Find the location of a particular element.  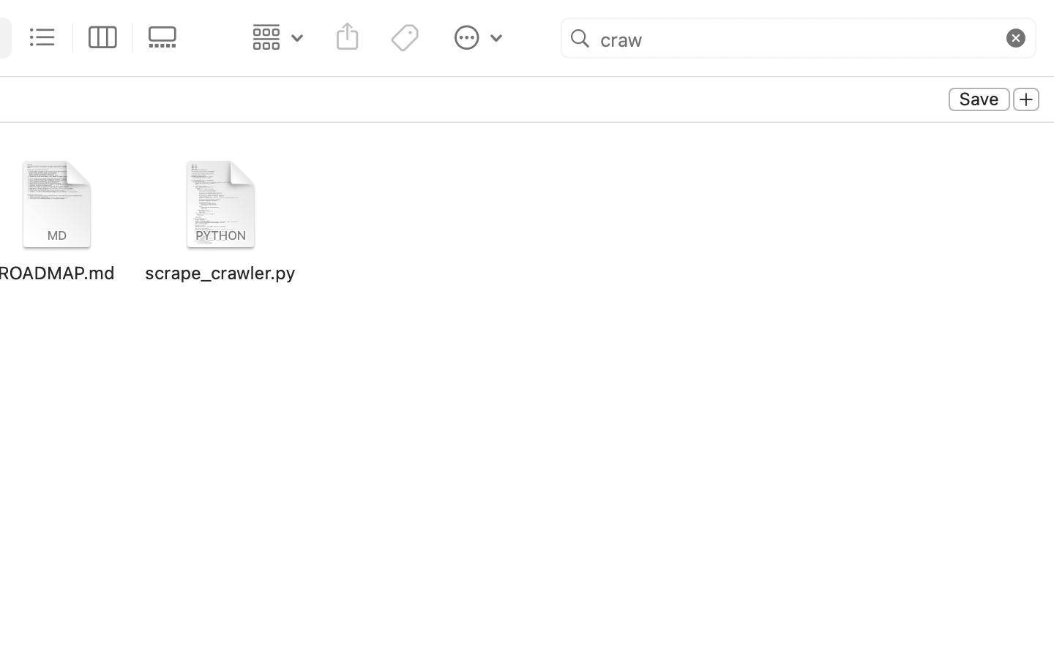

'craw' is located at coordinates (797, 38).